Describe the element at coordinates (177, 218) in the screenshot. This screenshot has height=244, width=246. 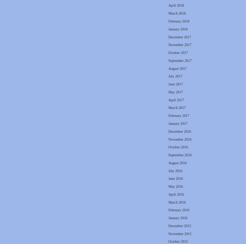
I see `'January 2016'` at that location.